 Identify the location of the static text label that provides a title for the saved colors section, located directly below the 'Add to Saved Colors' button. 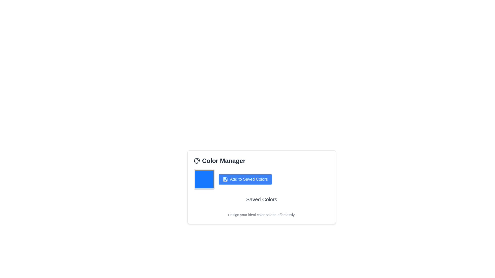
(261, 199).